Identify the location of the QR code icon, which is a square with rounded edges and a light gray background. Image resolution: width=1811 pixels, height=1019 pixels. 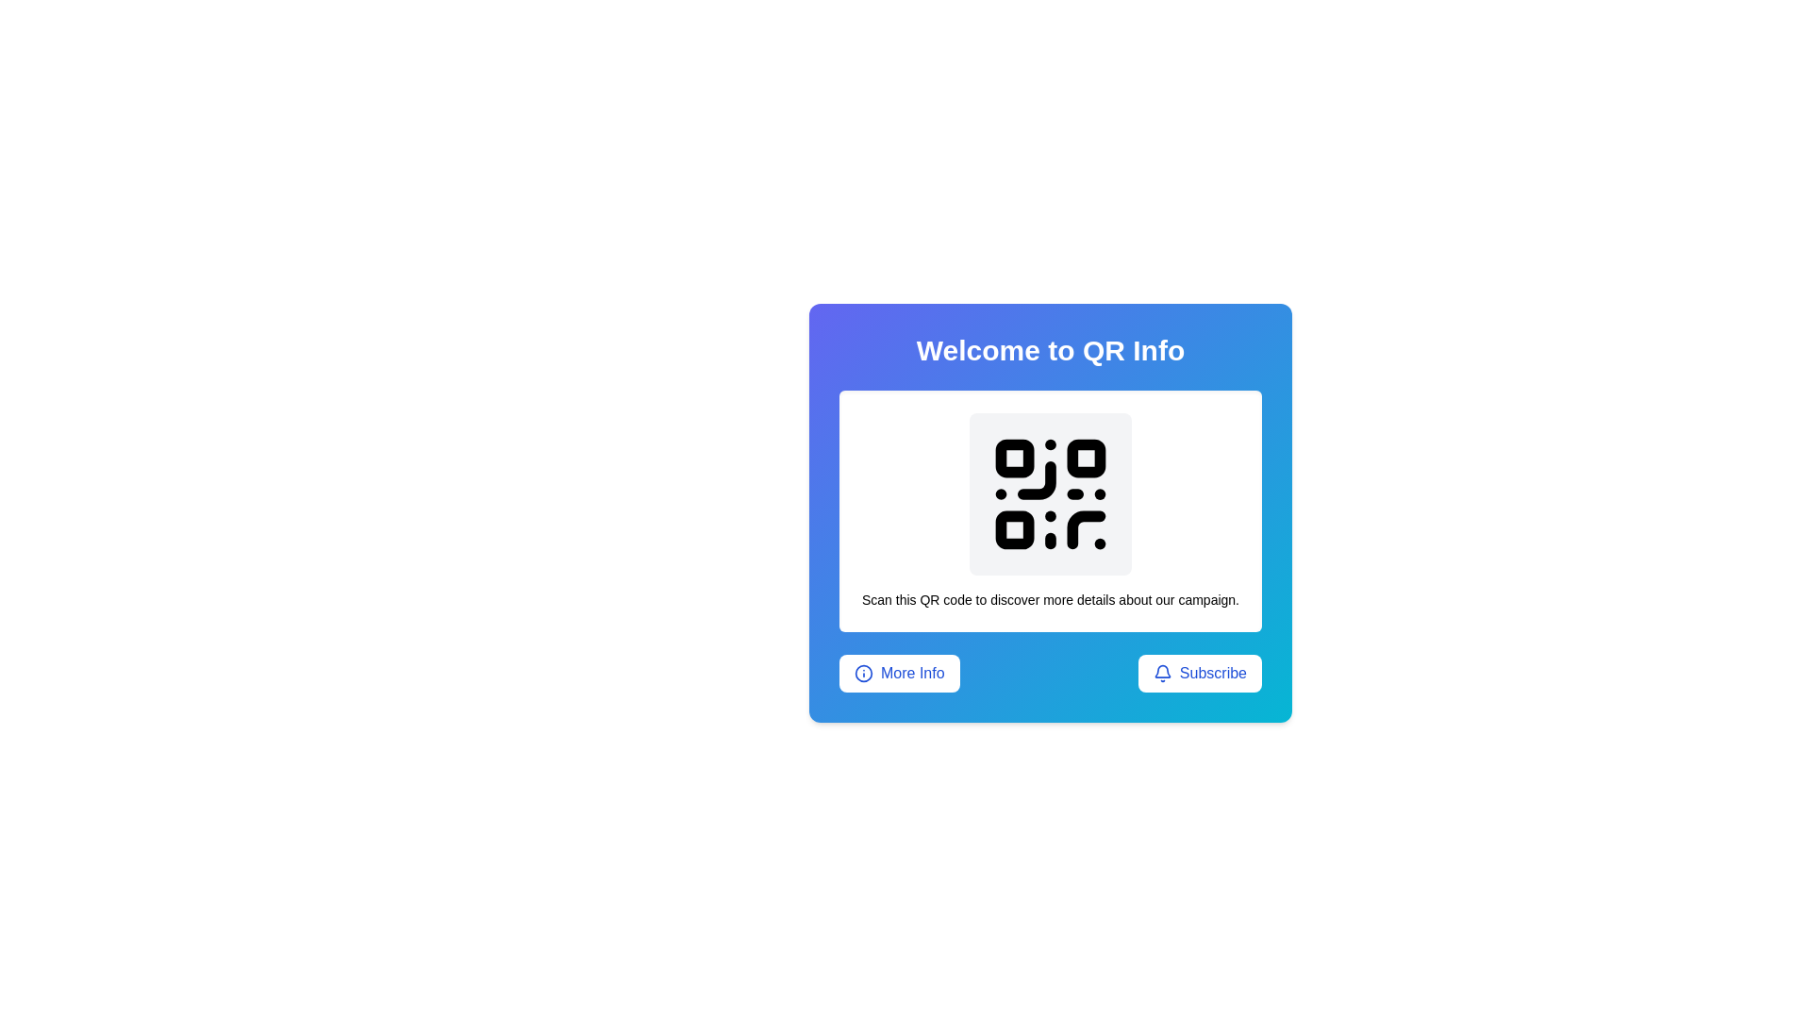
(1049, 493).